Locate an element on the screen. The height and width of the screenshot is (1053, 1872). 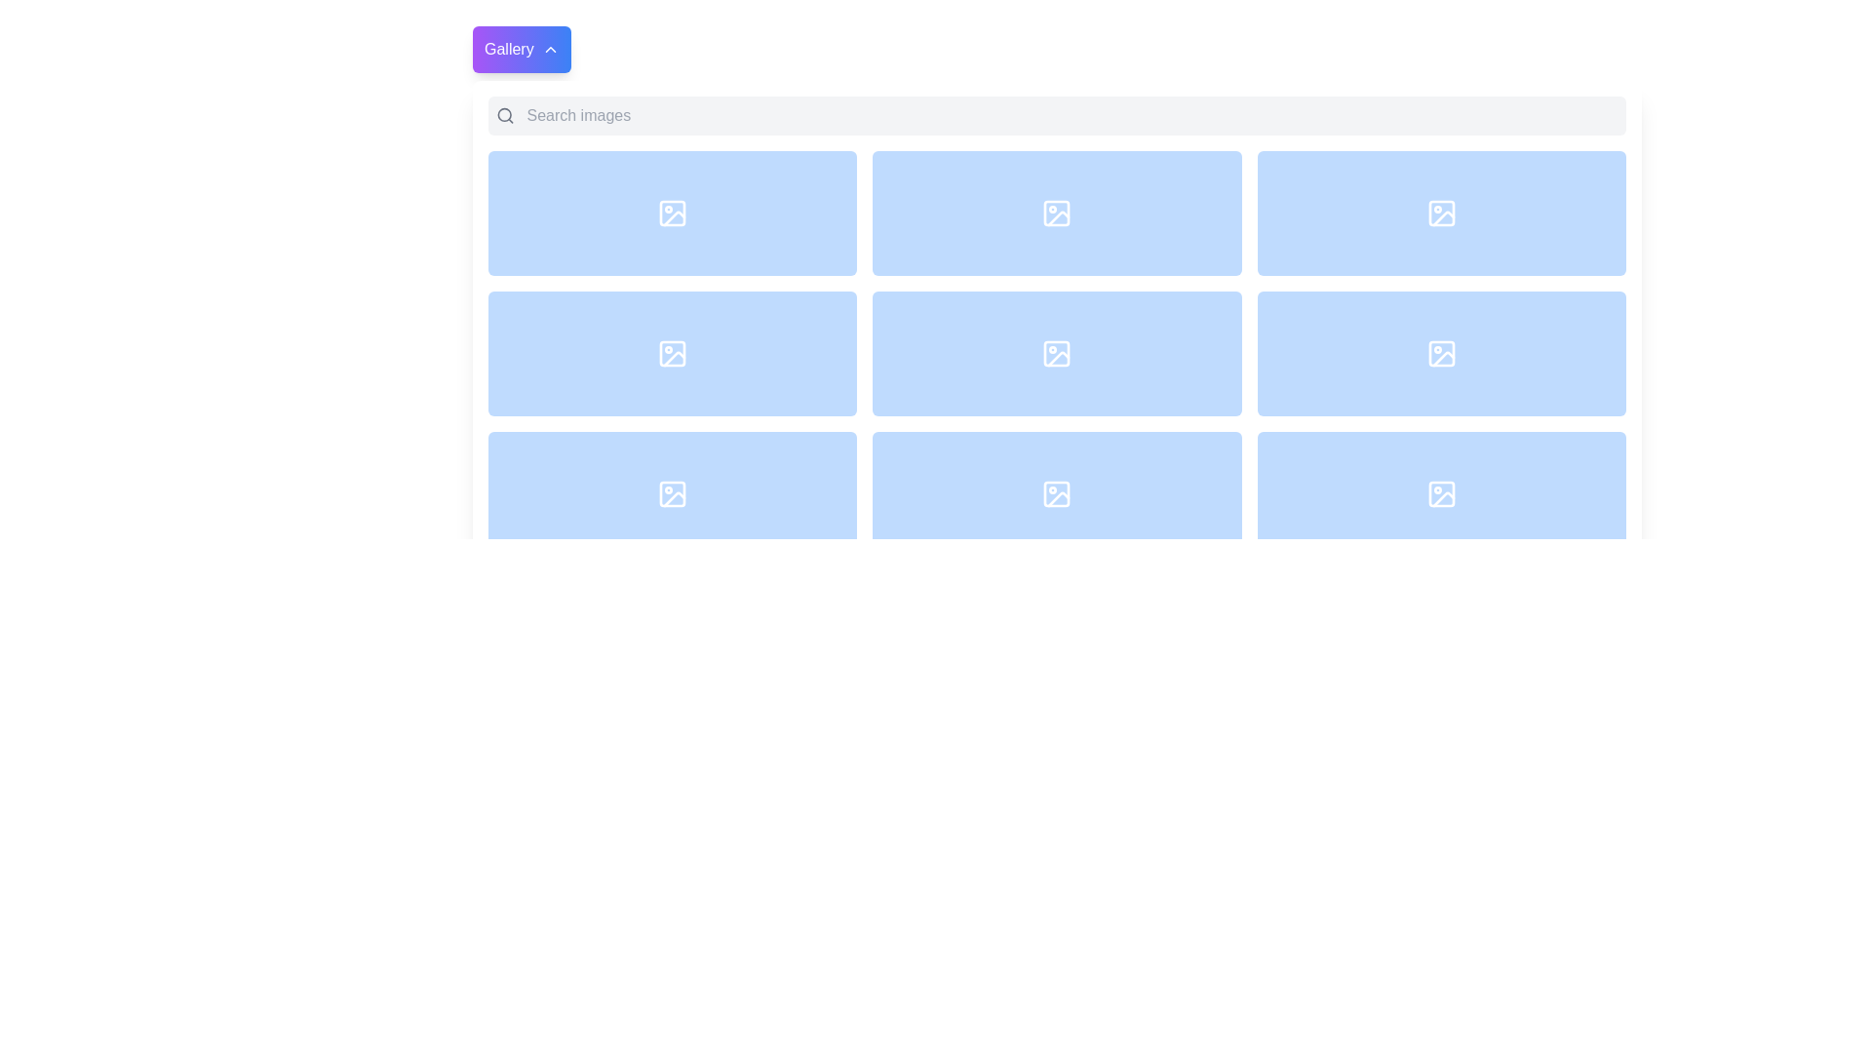
the icon resembling an image symbol, which has a rectangle with rounded corners and a circle inside, located in the sixth card of a grid layout in the center of a blue rectangular area is located at coordinates (1056, 492).